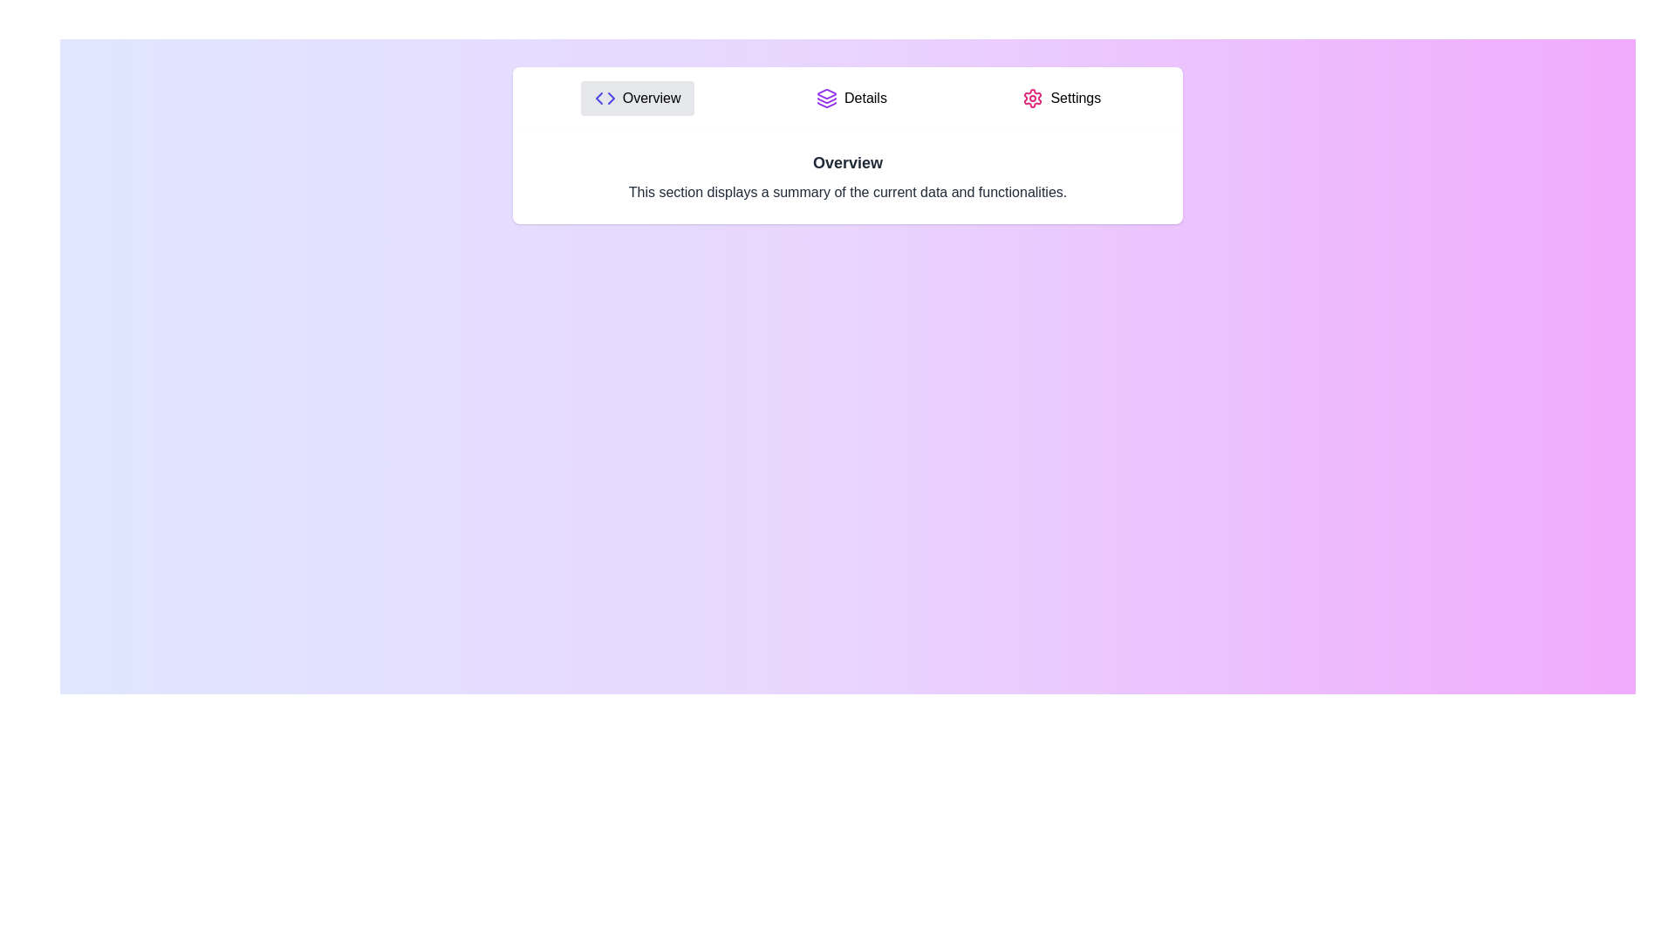 This screenshot has width=1675, height=942. Describe the element at coordinates (847, 177) in the screenshot. I see `the Informational panel with the header 'Overview' that displays a summary of current data and functionalities` at that location.